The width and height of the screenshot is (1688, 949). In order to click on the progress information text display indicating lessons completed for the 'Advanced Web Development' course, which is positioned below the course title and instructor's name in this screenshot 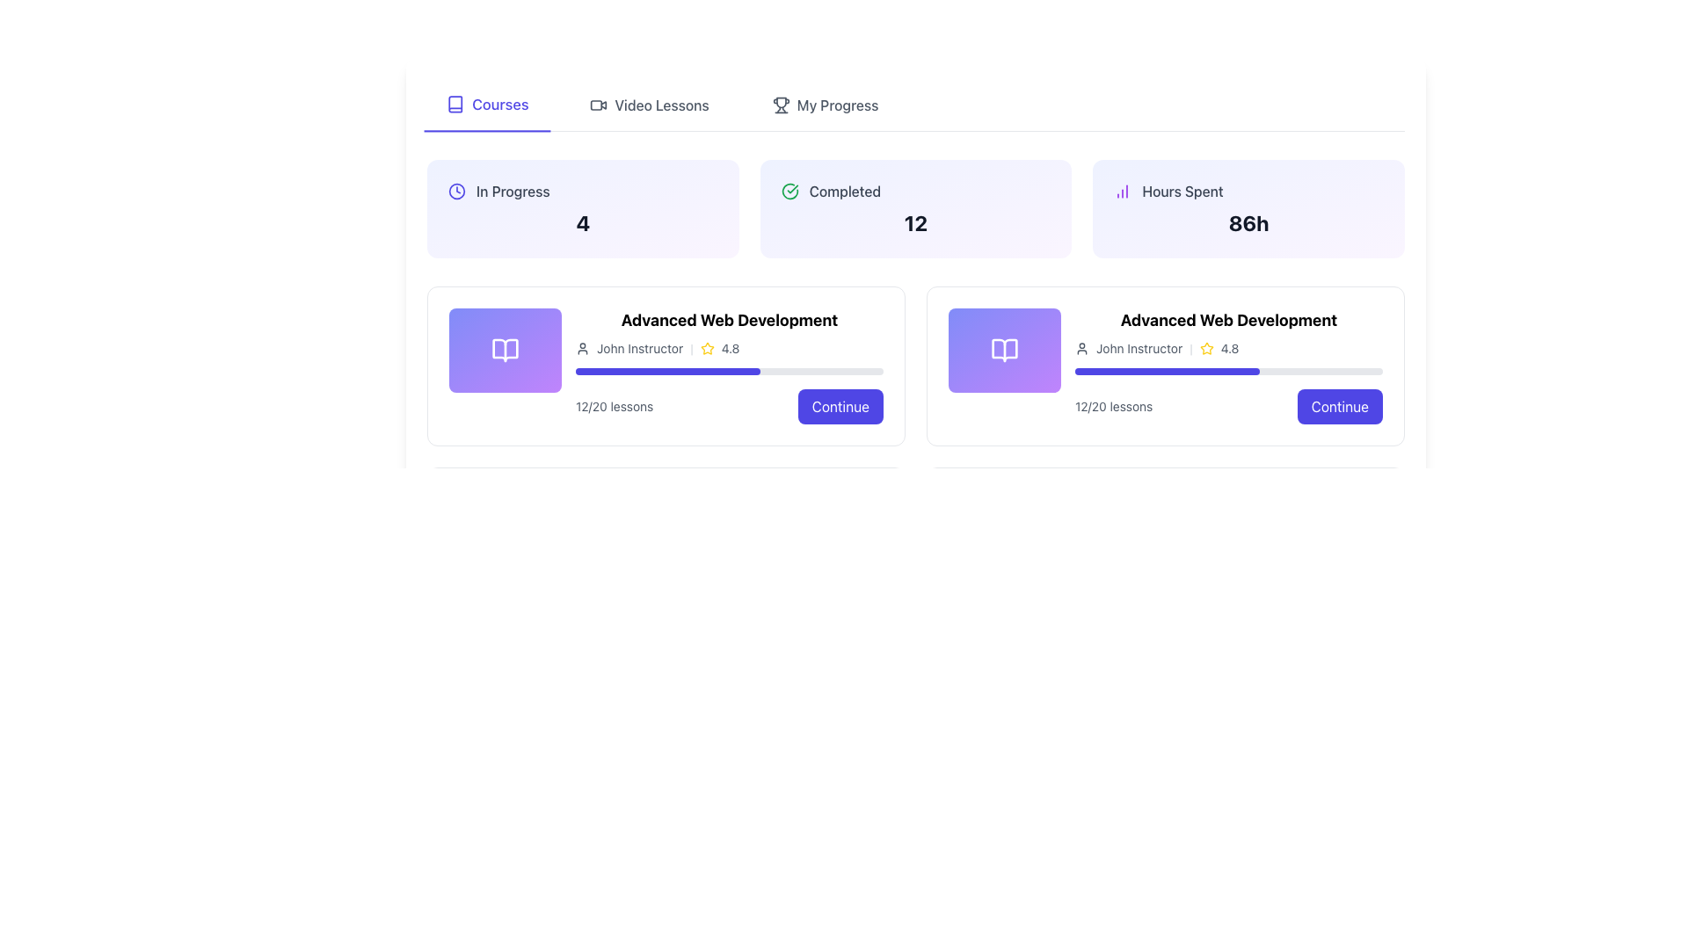, I will do `click(615, 406)`.